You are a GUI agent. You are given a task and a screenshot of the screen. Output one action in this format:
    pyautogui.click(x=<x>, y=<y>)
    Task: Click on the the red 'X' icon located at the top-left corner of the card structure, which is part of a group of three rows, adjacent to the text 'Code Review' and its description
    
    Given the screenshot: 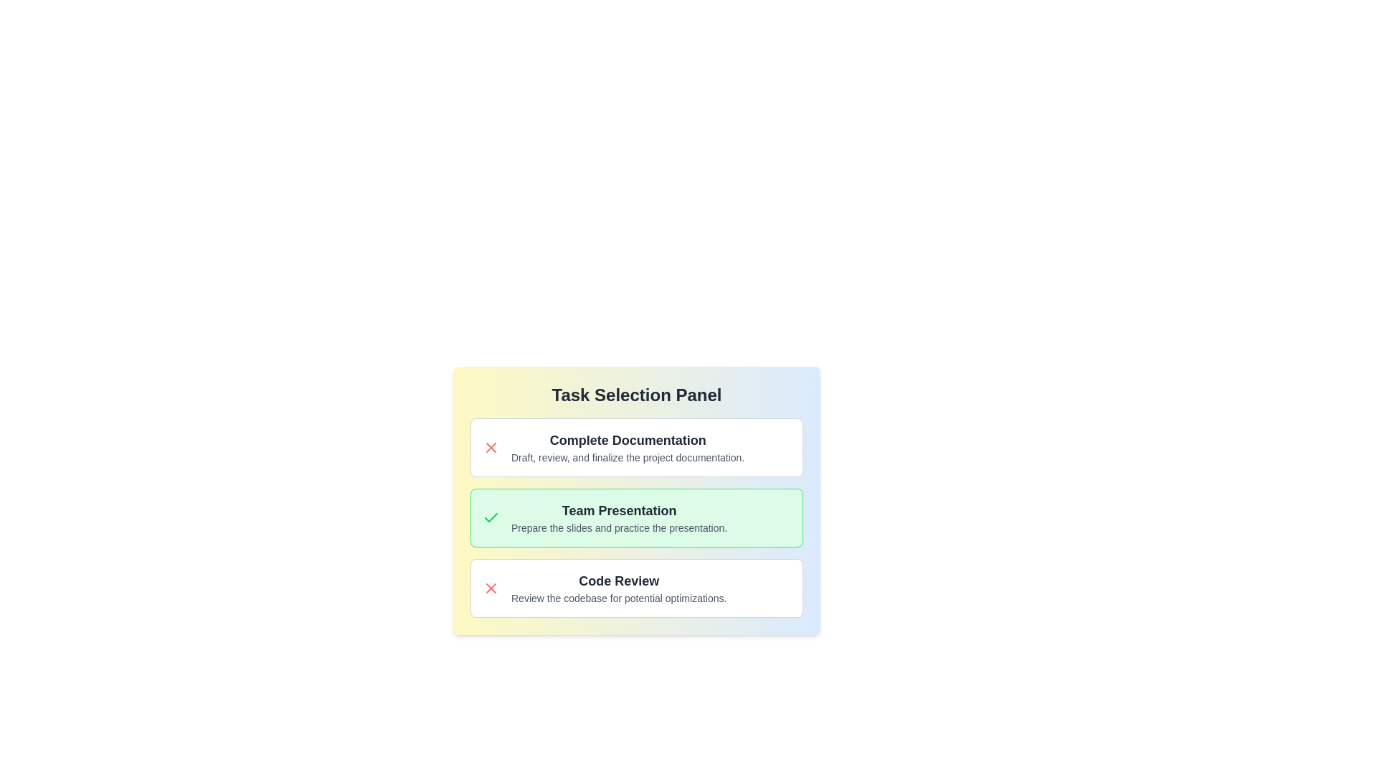 What is the action you would take?
    pyautogui.click(x=491, y=588)
    